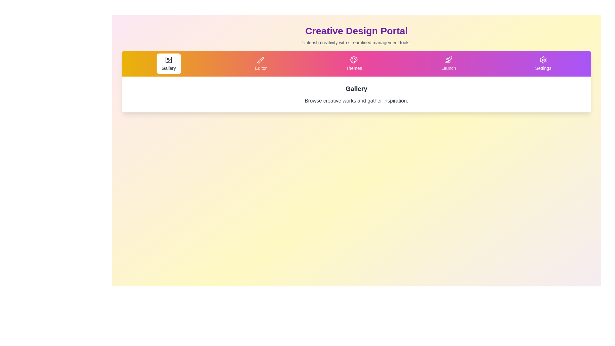  I want to click on the prominently displayed static text heading 'Creative Design Portal', which is styled in bold, large, deep purple font and is located near the top center of the interface, so click(356, 31).